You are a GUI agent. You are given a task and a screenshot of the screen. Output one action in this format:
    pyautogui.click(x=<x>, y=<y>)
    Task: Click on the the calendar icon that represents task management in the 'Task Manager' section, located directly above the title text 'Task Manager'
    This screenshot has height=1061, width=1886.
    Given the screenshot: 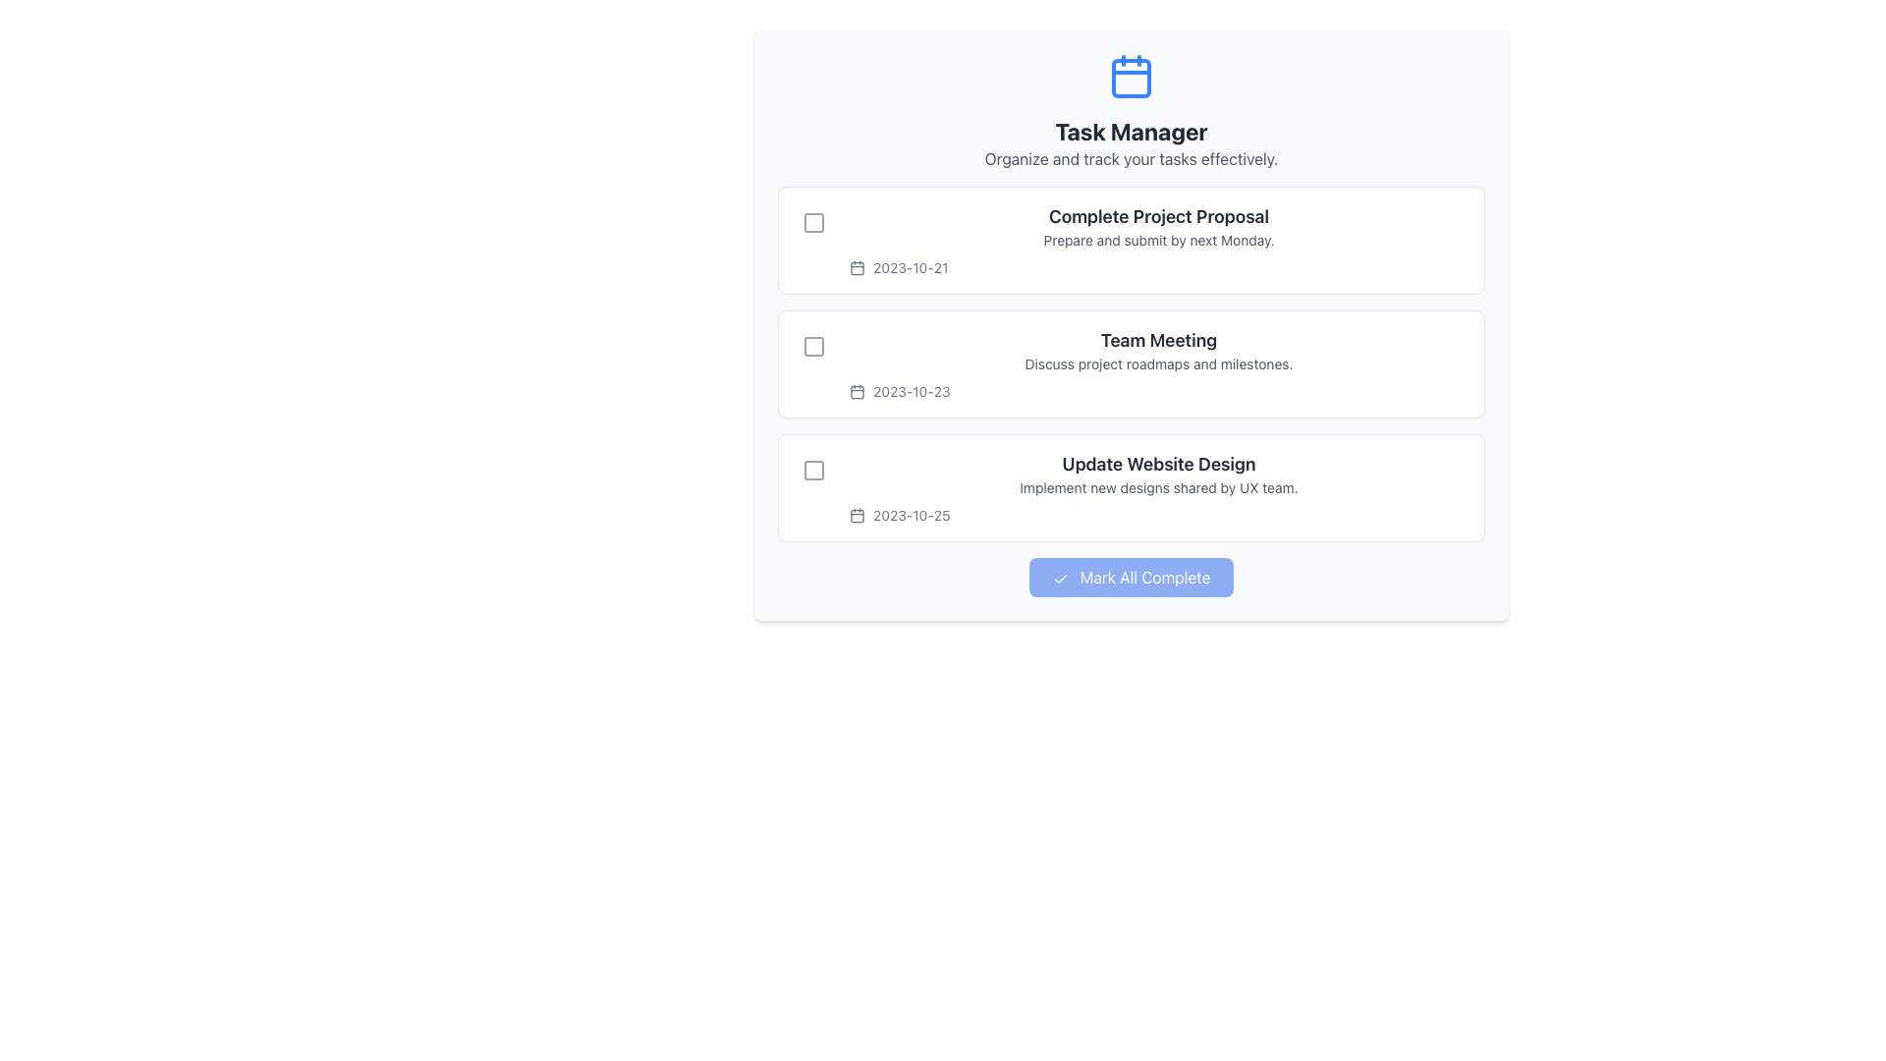 What is the action you would take?
    pyautogui.click(x=1132, y=75)
    